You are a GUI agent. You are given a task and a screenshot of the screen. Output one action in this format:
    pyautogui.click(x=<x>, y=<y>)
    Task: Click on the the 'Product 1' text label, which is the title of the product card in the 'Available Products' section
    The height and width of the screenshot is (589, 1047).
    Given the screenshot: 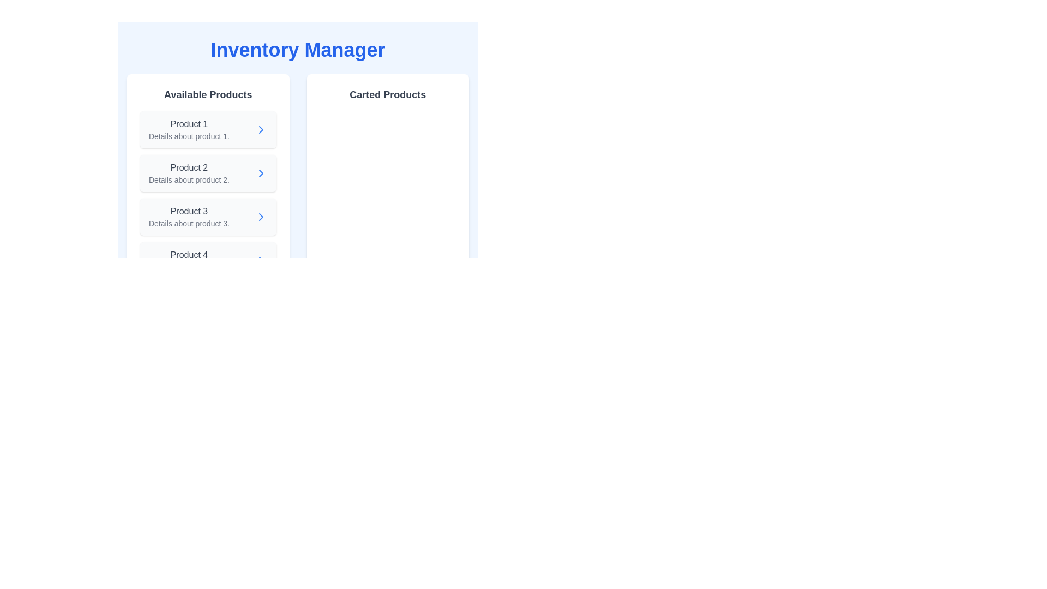 What is the action you would take?
    pyautogui.click(x=189, y=123)
    